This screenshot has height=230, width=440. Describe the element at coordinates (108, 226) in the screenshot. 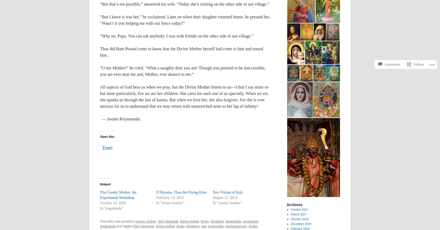

I see `'yogananda'` at that location.